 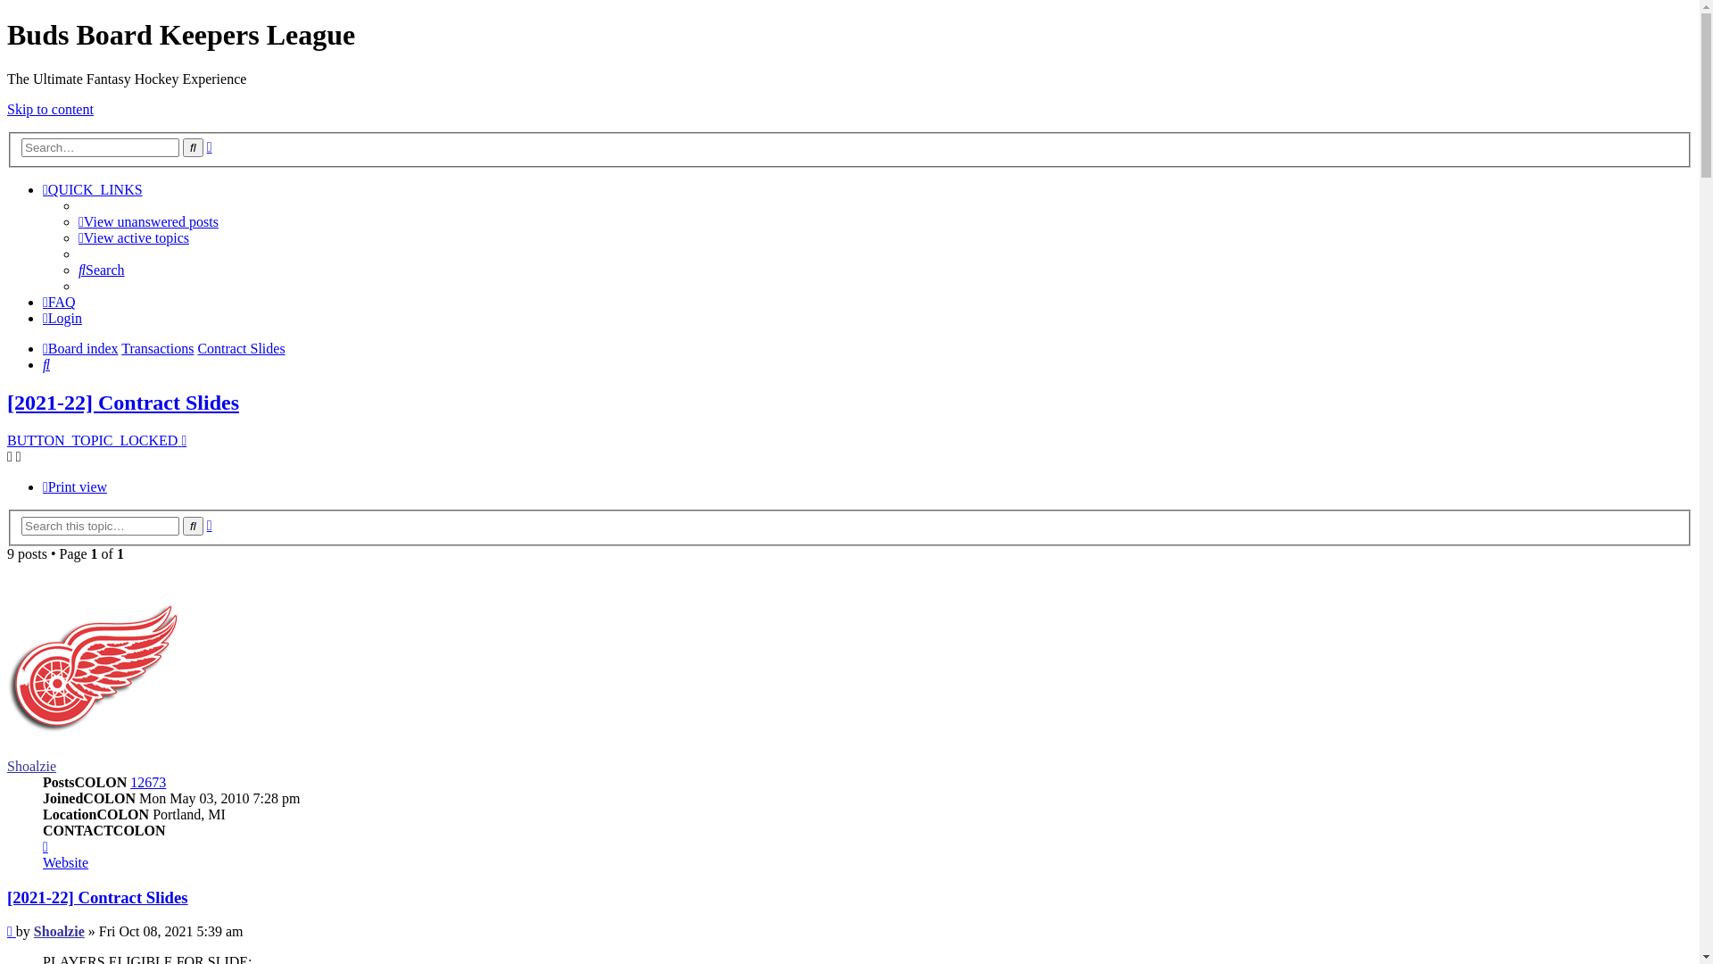 What do you see at coordinates (7, 897) in the screenshot?
I see `'[2021-22] Contract Slides'` at bounding box center [7, 897].